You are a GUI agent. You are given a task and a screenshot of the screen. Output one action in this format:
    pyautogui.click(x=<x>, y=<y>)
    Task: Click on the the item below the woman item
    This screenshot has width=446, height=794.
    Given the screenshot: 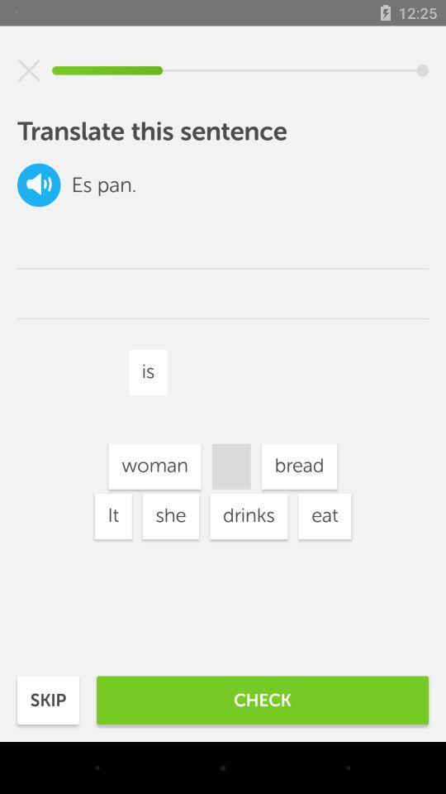 What is the action you would take?
    pyautogui.click(x=112, y=515)
    